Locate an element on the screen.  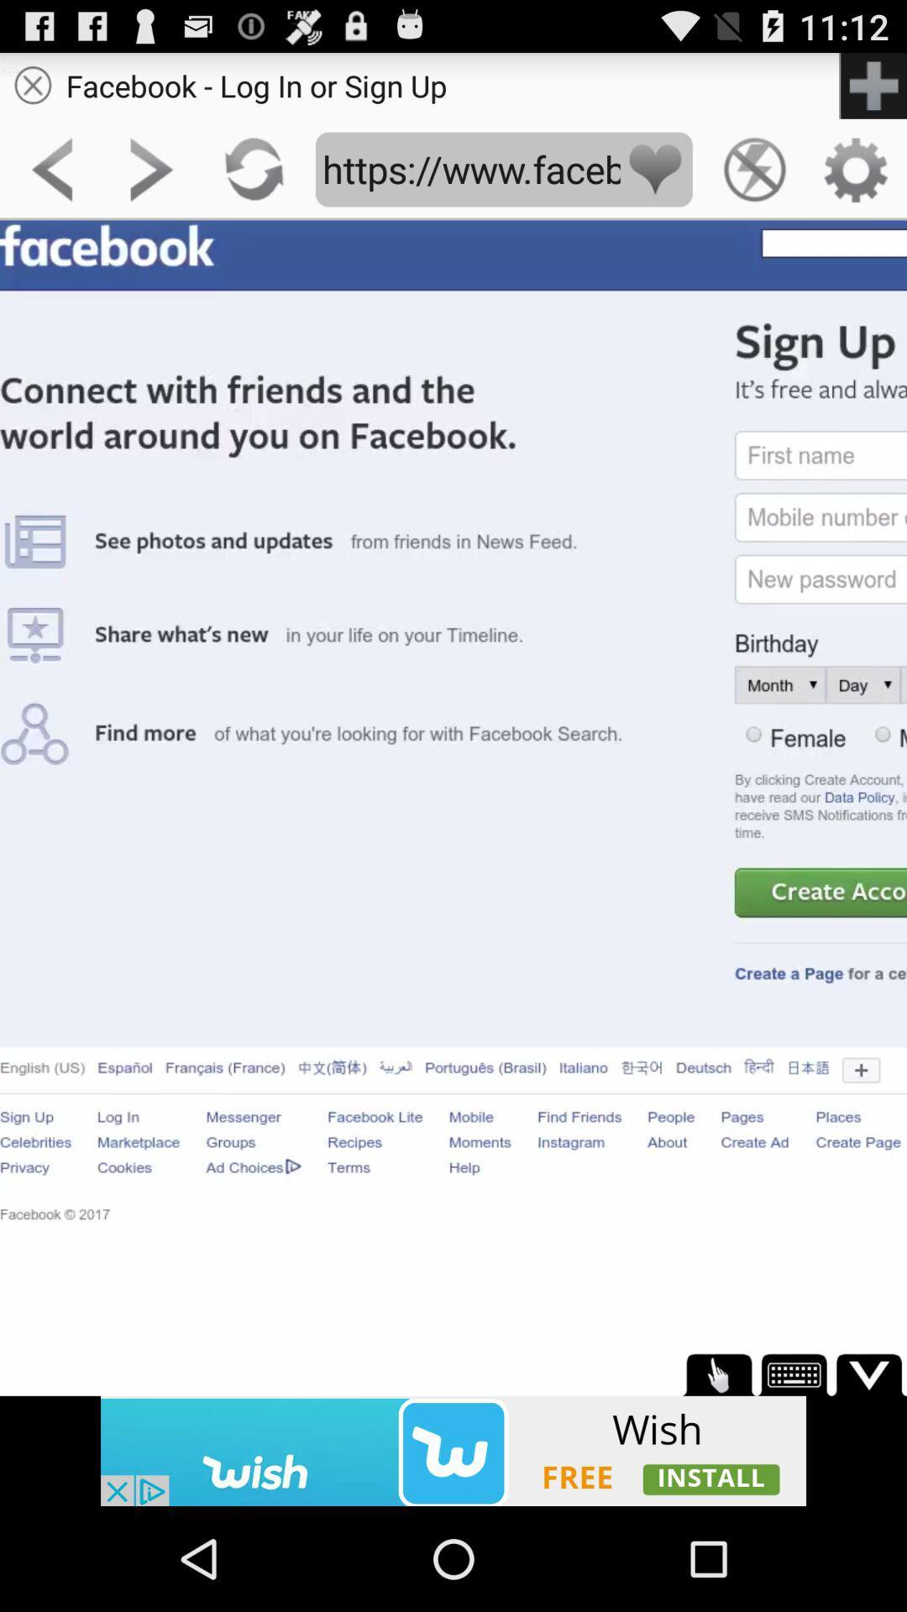
the add icon is located at coordinates (873, 91).